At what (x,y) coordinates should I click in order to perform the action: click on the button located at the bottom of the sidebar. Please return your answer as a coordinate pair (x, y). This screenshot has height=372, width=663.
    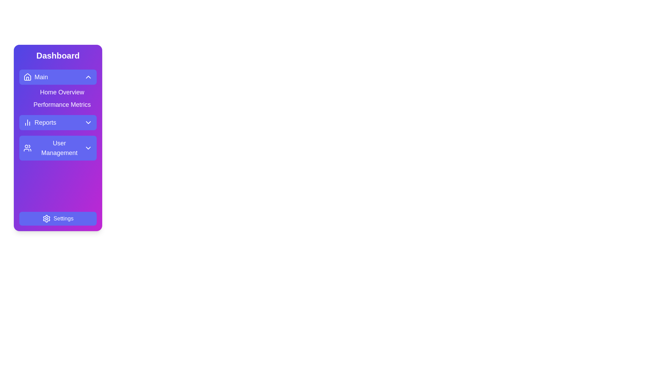
    Looking at the image, I should click on (58, 219).